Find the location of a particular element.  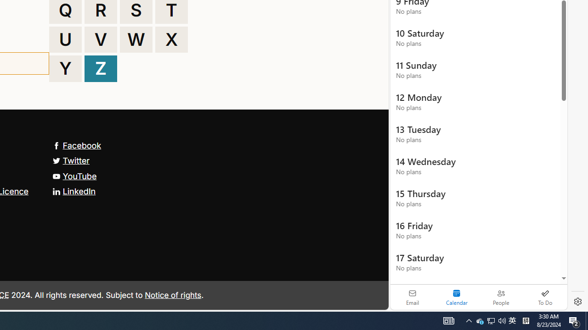

'To Do' is located at coordinates (545, 297).